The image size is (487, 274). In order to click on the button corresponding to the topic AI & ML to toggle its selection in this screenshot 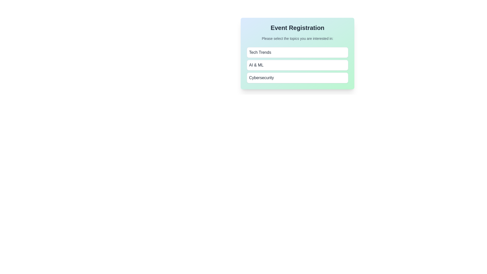, I will do `click(297, 65)`.